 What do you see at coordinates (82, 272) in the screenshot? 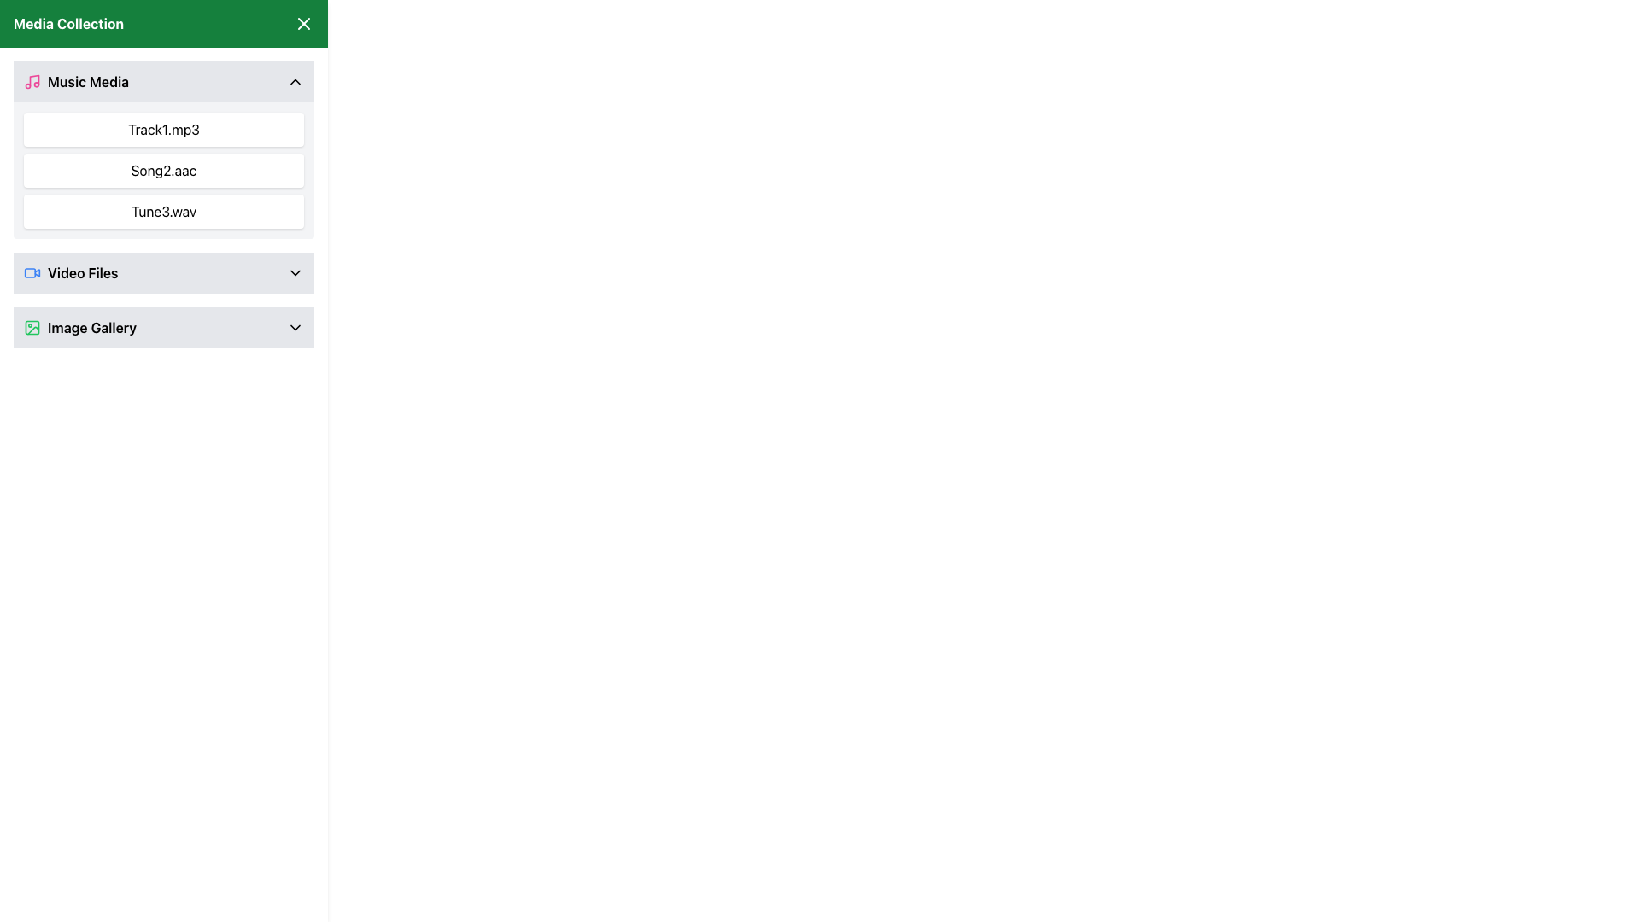
I see `the 'Video Files' text label located in the left panel below 'Music Media', above 'Image Gallery', which features a blue video icon and is styled in bold font` at bounding box center [82, 272].